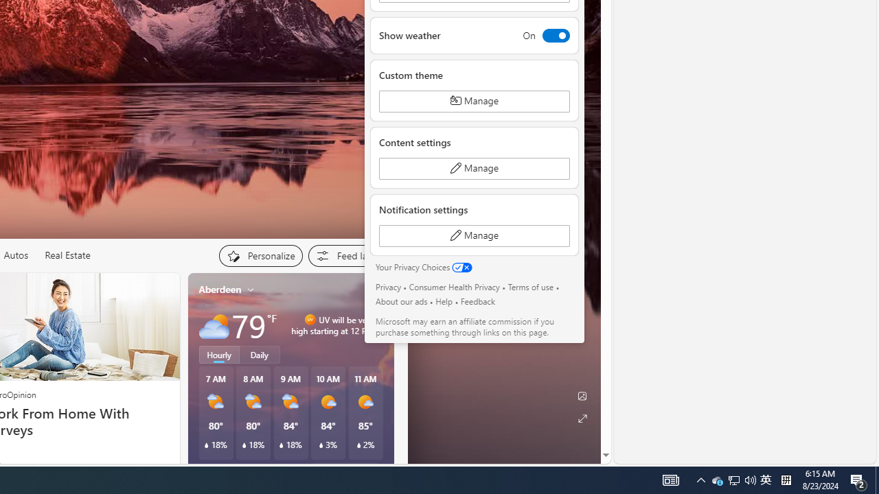  I want to click on 'Autos', so click(16, 255).